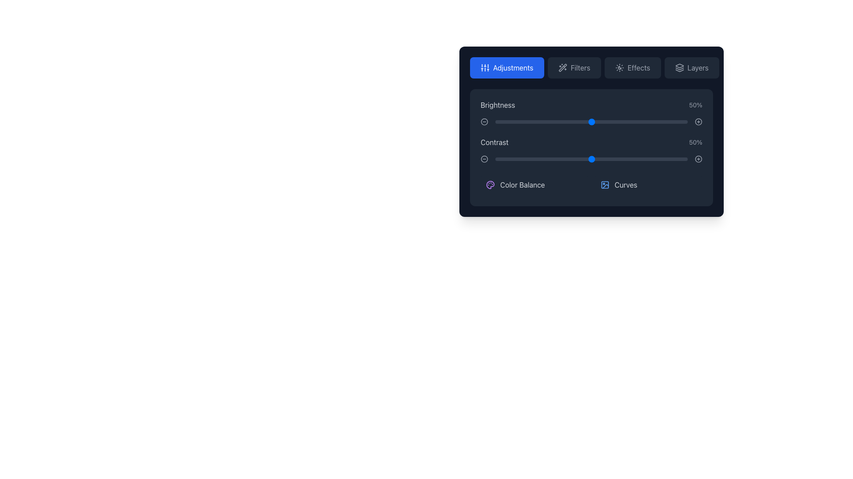  Describe the element at coordinates (537, 158) in the screenshot. I see `the contrast level` at that location.